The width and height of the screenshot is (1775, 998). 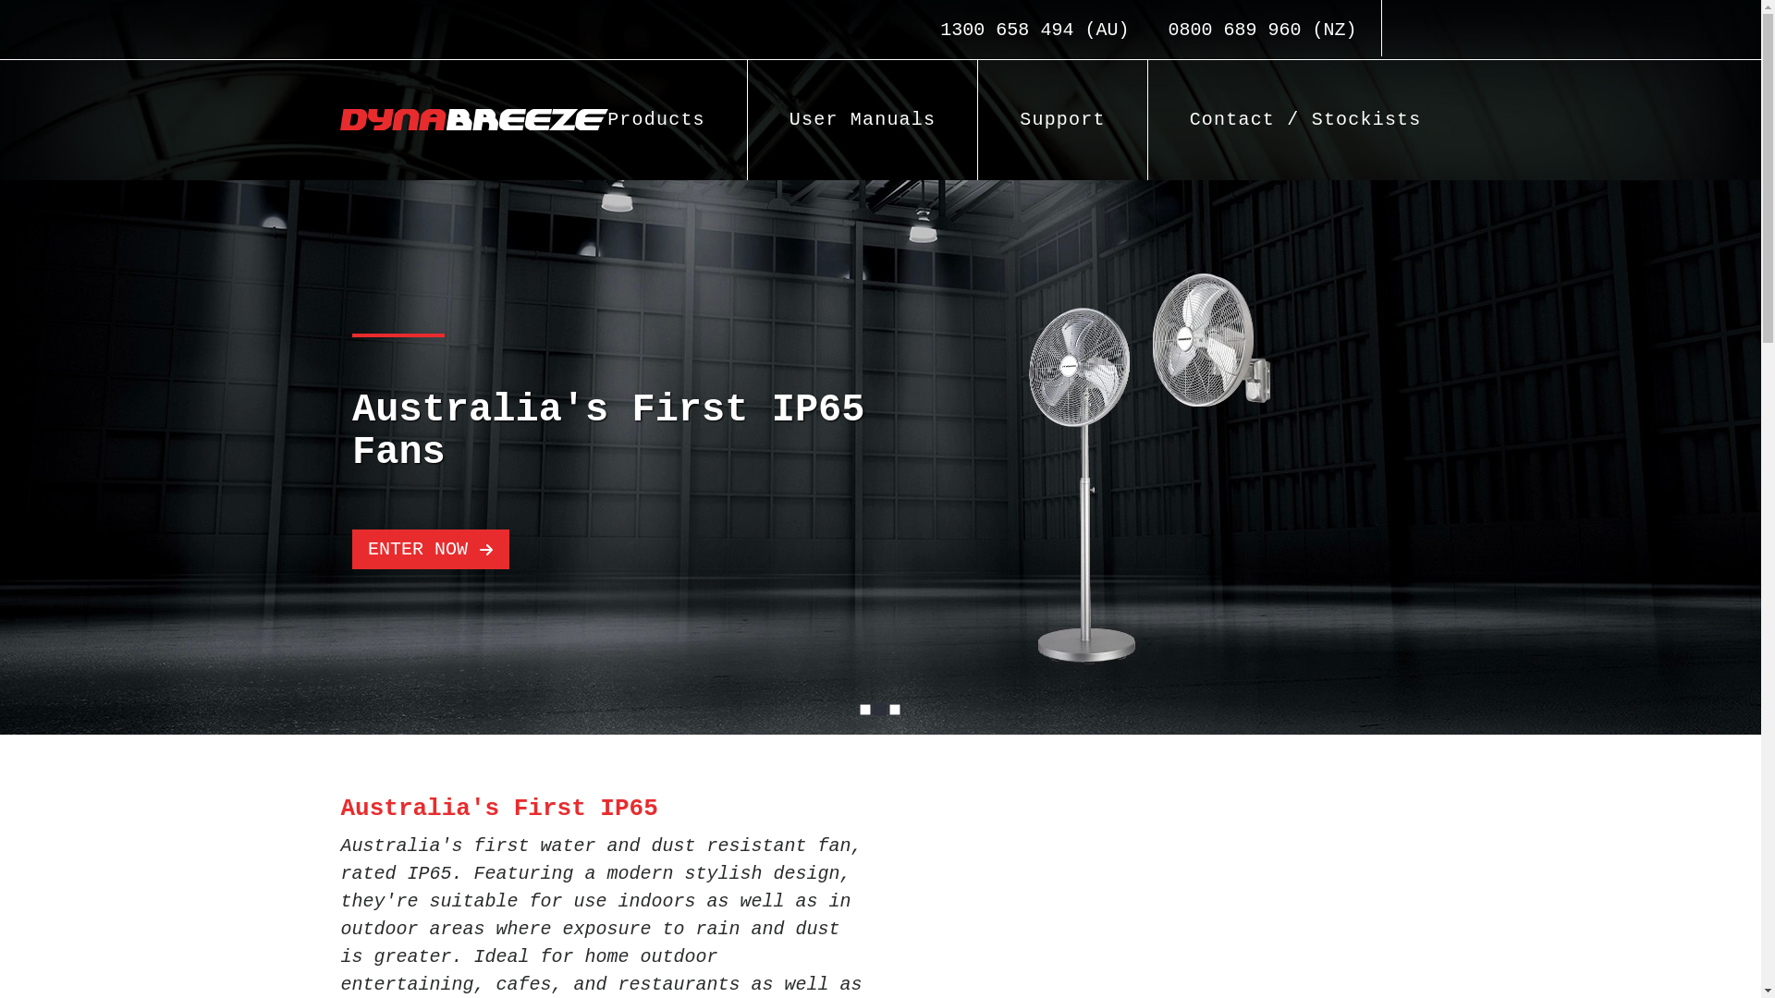 What do you see at coordinates (429, 548) in the screenshot?
I see `'ENTER NOW'` at bounding box center [429, 548].